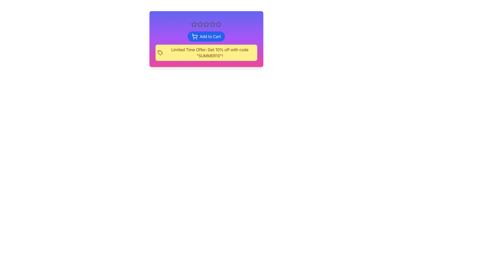 This screenshot has width=488, height=274. What do you see at coordinates (218, 24) in the screenshot?
I see `the fifth gray outlined star icon in the rating system located at the top area of the interface` at bounding box center [218, 24].